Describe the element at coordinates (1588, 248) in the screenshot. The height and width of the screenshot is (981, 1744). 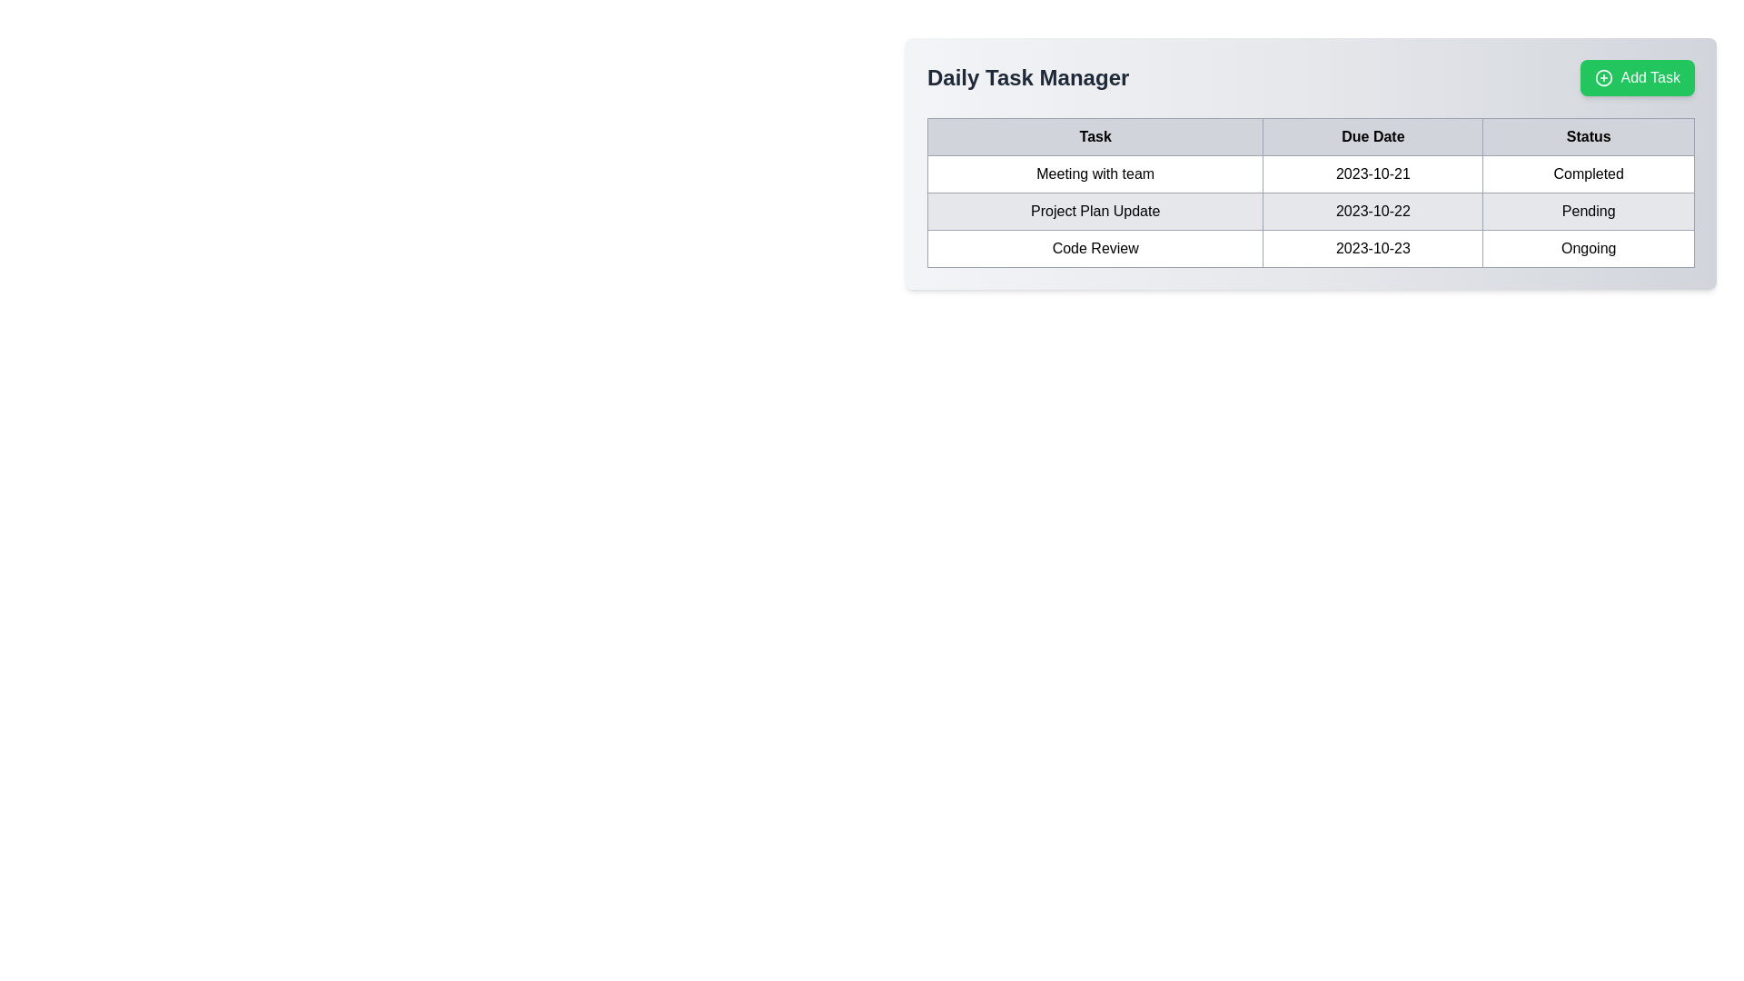
I see `text displayed in the 'Code Review' status label located in the last cell of the 'Status' column in the table` at that location.